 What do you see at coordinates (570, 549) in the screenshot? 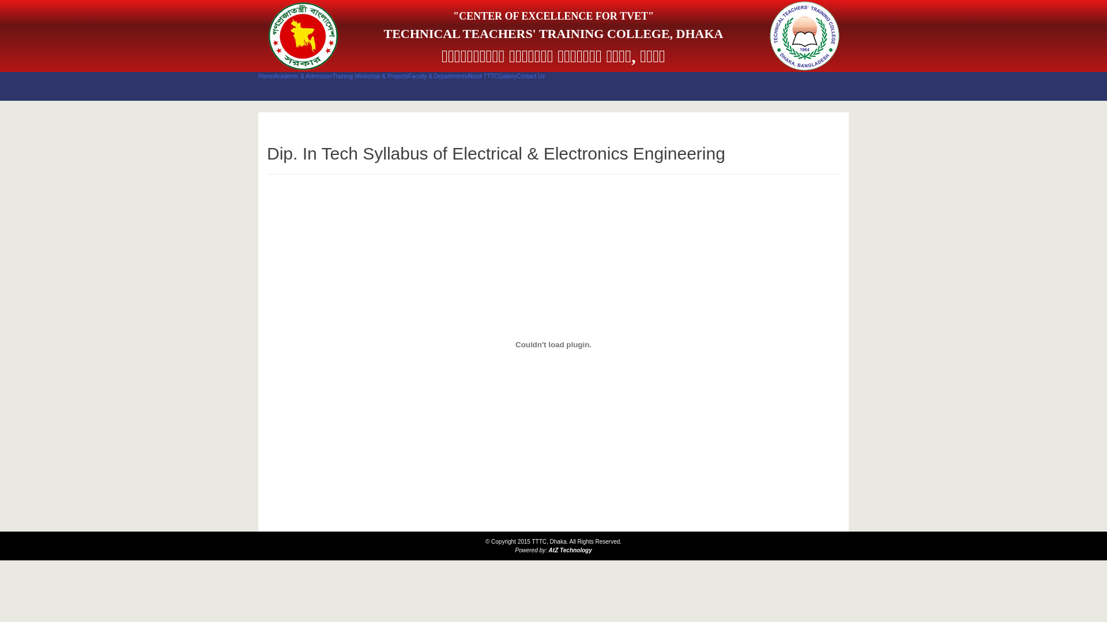
I see `'AtZ Technology'` at bounding box center [570, 549].